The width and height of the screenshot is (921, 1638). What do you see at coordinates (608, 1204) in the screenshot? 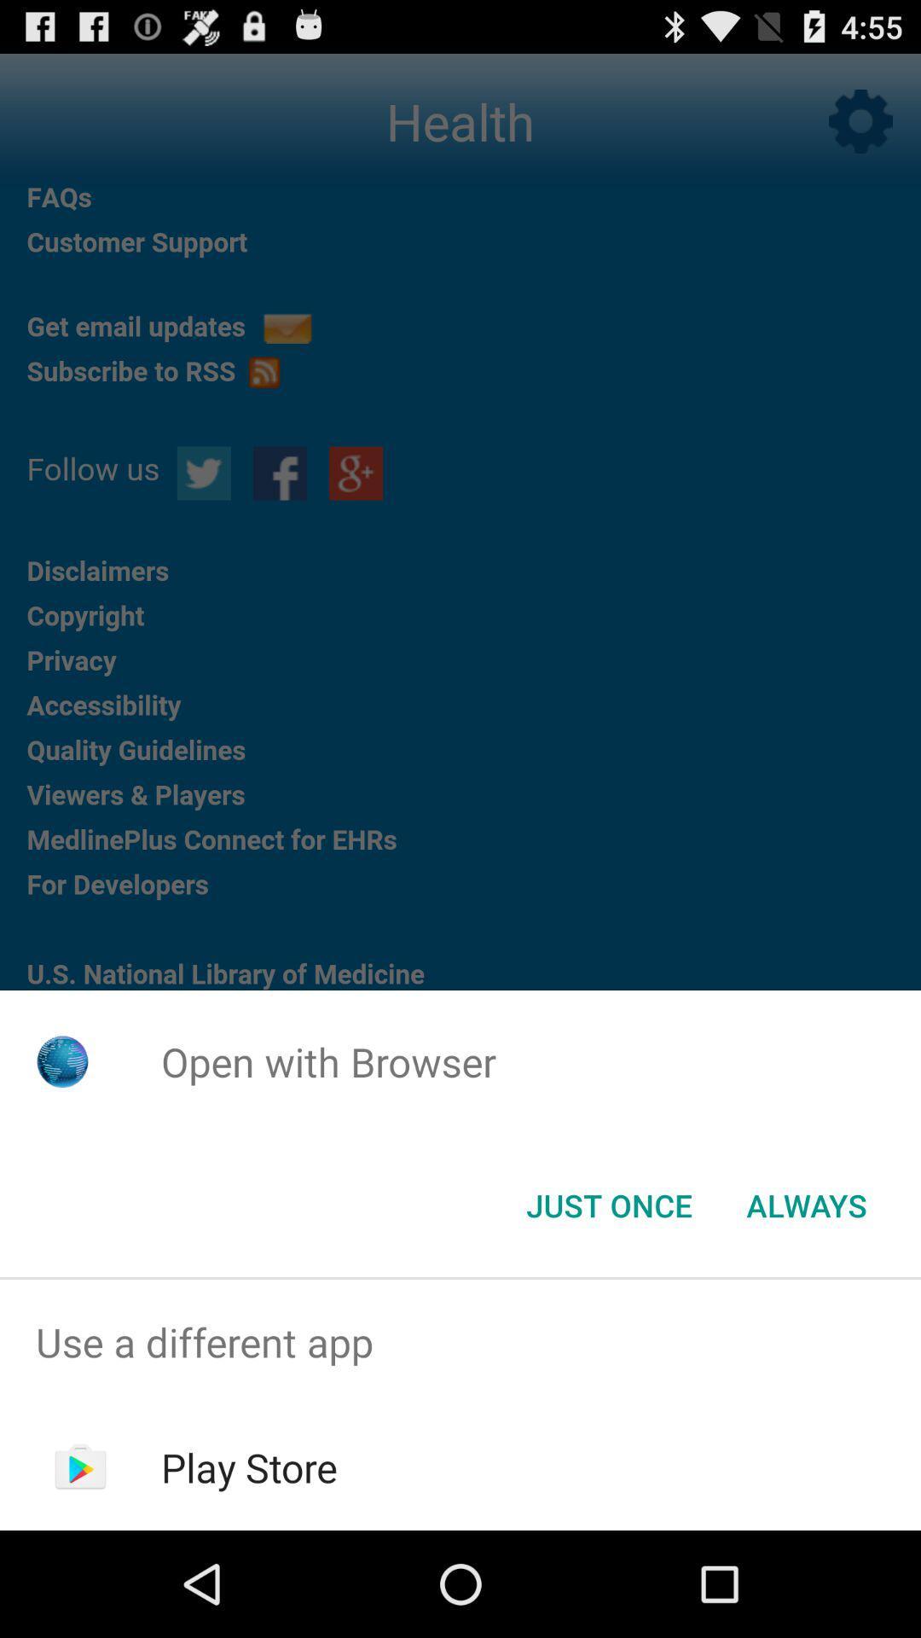
I see `icon below open with browser` at bounding box center [608, 1204].